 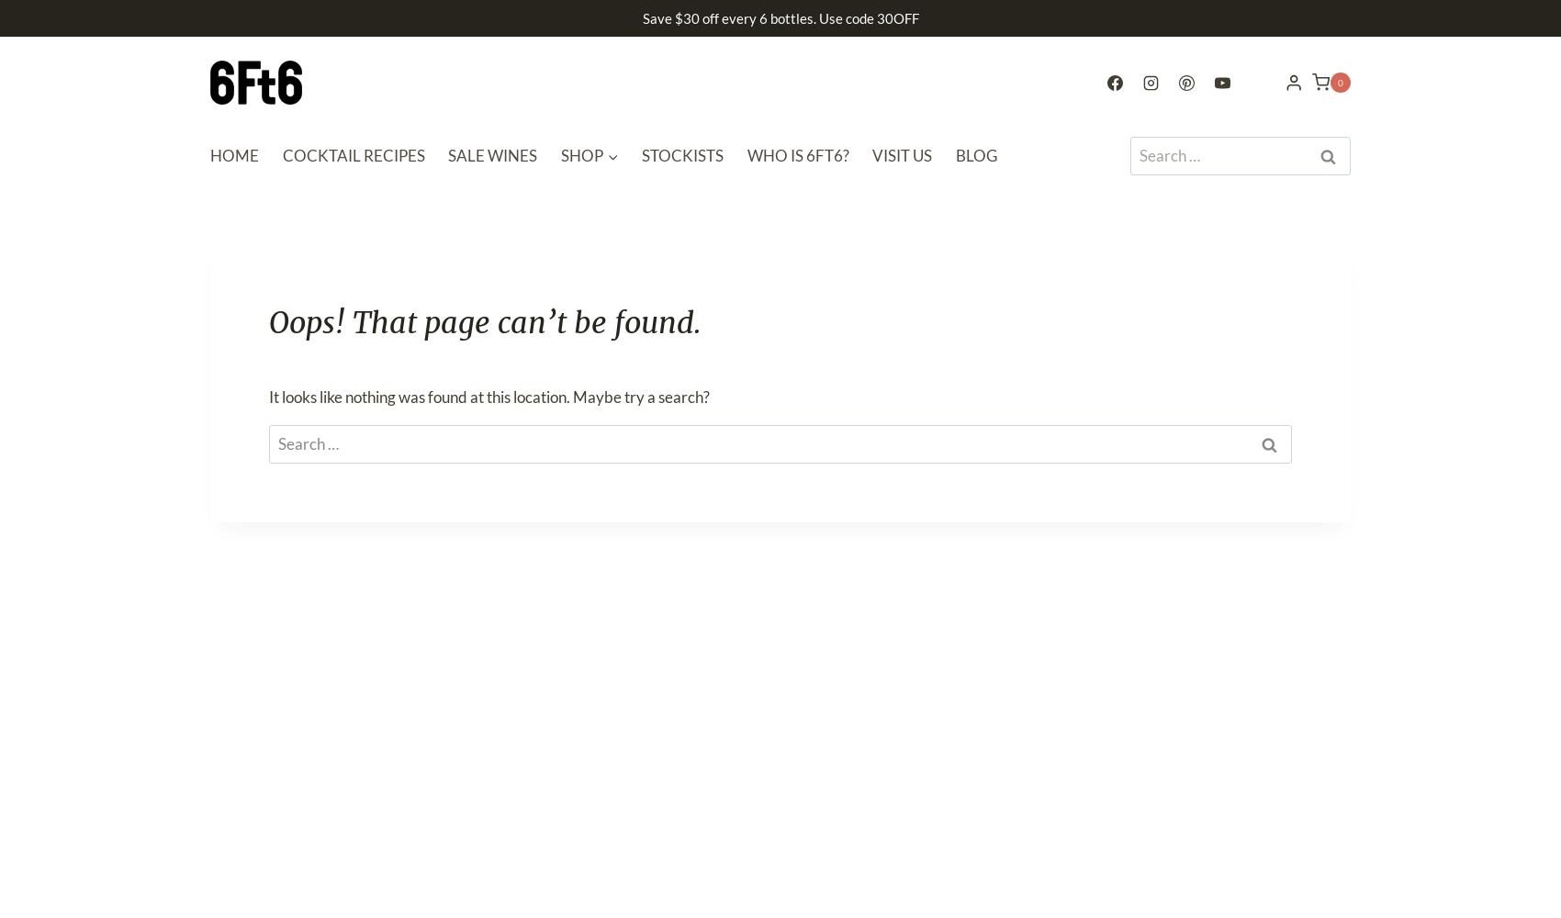 What do you see at coordinates (797, 155) in the screenshot?
I see `'Who is 6Ft6?'` at bounding box center [797, 155].